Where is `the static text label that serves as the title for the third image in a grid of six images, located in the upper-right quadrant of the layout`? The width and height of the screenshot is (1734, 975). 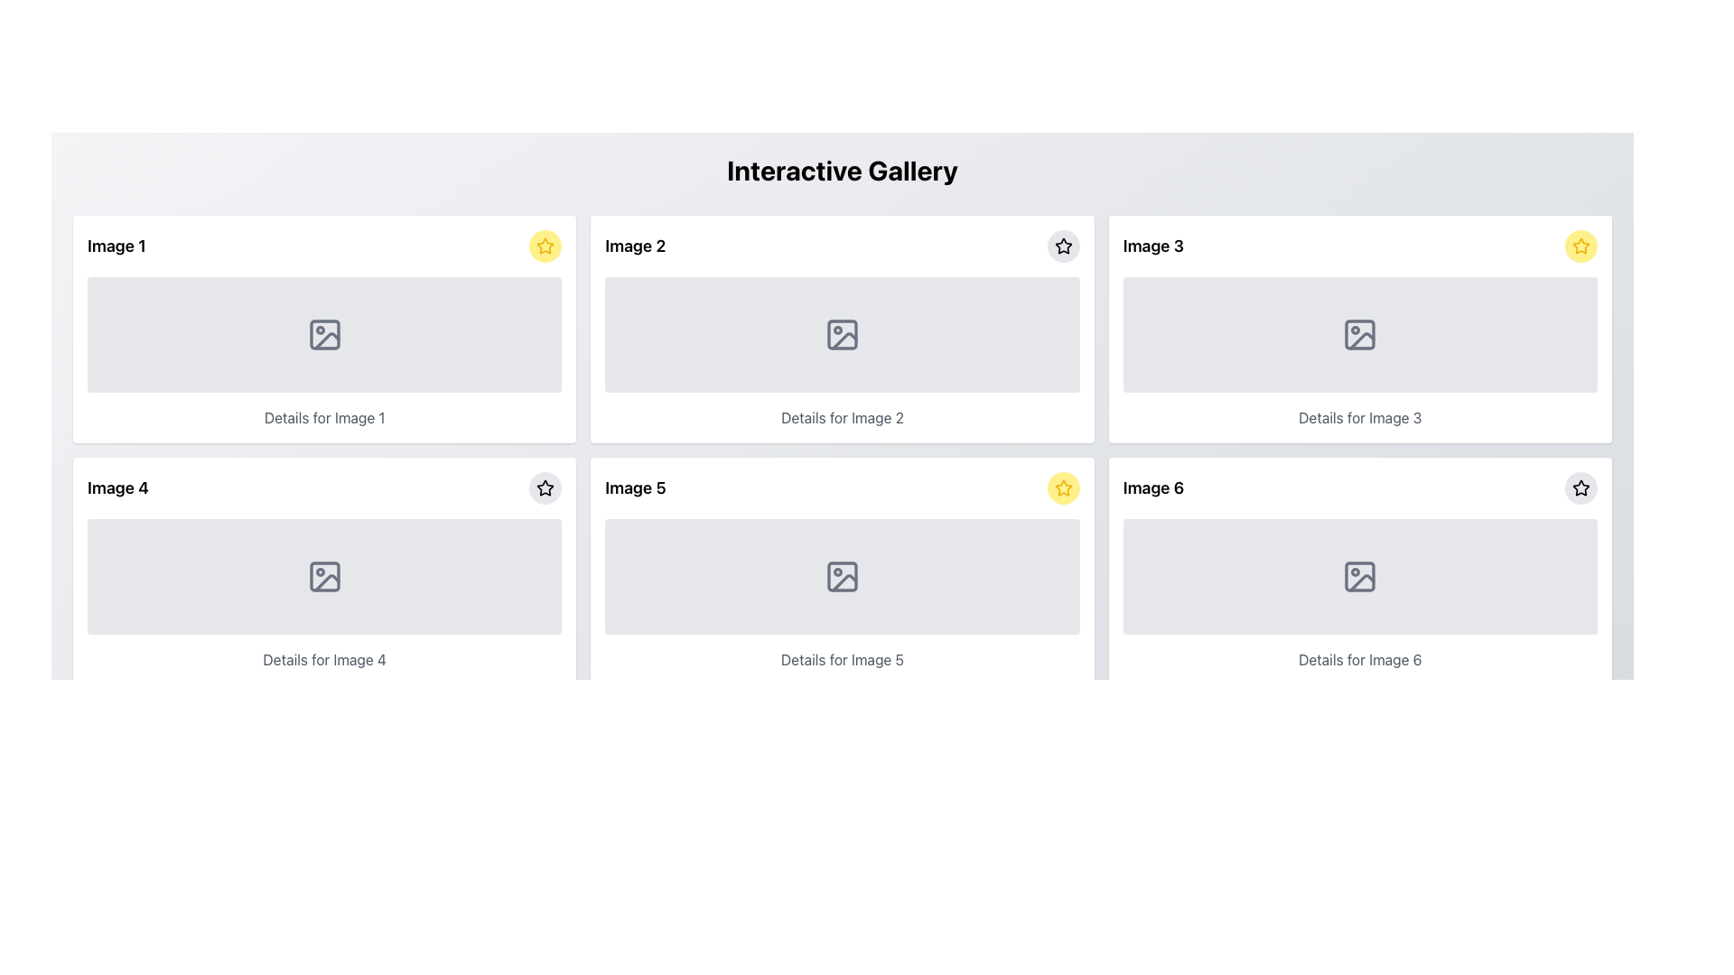 the static text label that serves as the title for the third image in a grid of six images, located in the upper-right quadrant of the layout is located at coordinates (1152, 246).